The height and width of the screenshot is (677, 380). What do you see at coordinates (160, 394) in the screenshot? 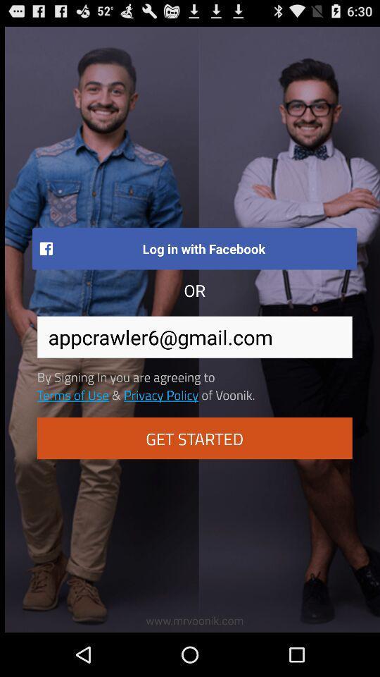
I see `item next to  of voonik.  item` at bounding box center [160, 394].